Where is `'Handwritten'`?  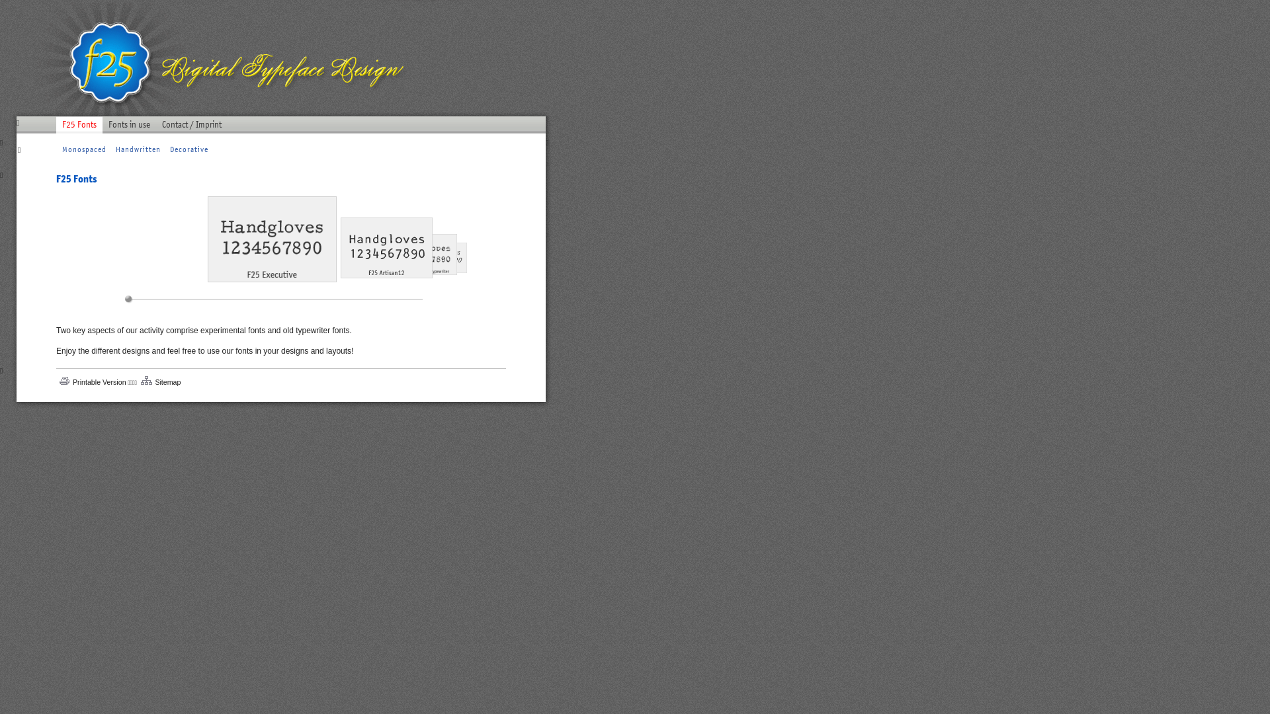
'Handwritten' is located at coordinates (138, 149).